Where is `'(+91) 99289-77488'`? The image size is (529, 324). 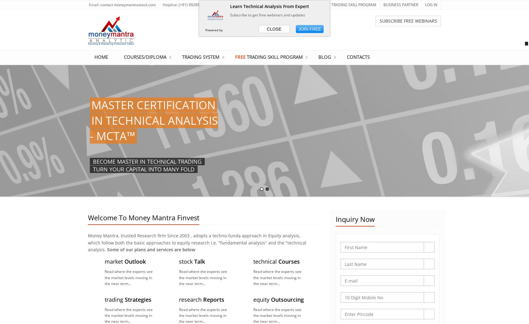 '(+91) 99289-77488' is located at coordinates (195, 4).